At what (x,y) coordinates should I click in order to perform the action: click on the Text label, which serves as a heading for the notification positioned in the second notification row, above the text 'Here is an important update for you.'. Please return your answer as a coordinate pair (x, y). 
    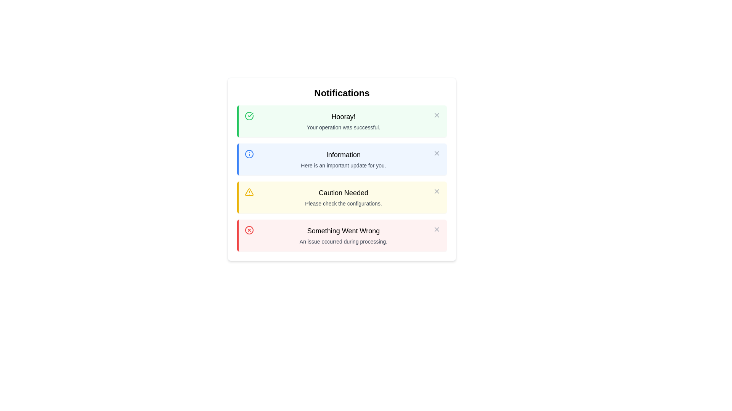
    Looking at the image, I should click on (343, 155).